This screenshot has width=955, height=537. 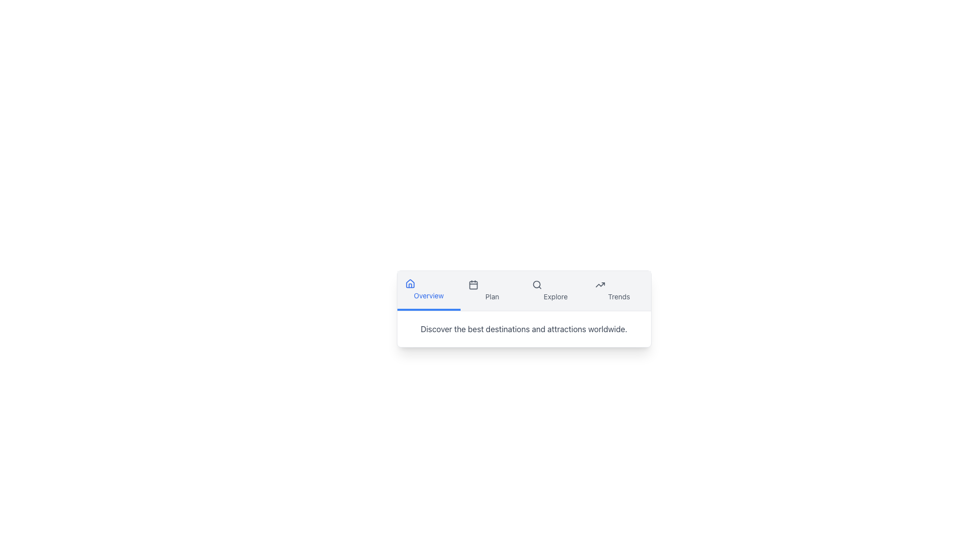 What do you see at coordinates (429, 291) in the screenshot?
I see `the 'Overview' navigation tab using keyboard navigation` at bounding box center [429, 291].